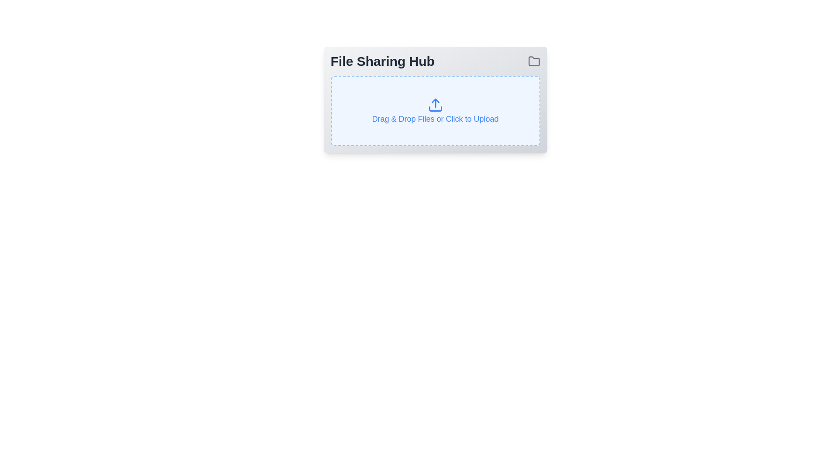 The height and width of the screenshot is (471, 838). Describe the element at coordinates (533, 61) in the screenshot. I see `the folder icon located in the upper right corner of the 'File Sharing Hub' section, which is styled with a gray outline` at that location.